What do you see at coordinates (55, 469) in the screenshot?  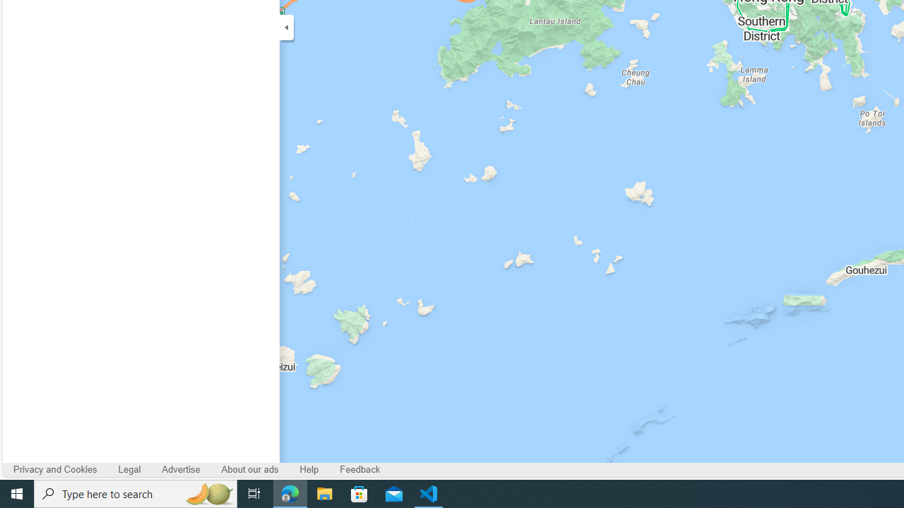 I see `'Privacy and Cookies'` at bounding box center [55, 469].